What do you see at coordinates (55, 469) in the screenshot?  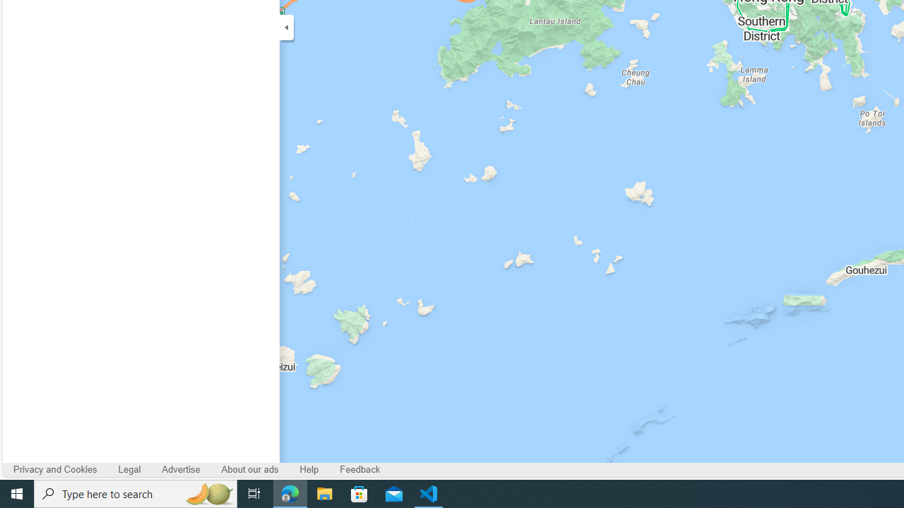 I see `'Privacy and Cookies'` at bounding box center [55, 469].